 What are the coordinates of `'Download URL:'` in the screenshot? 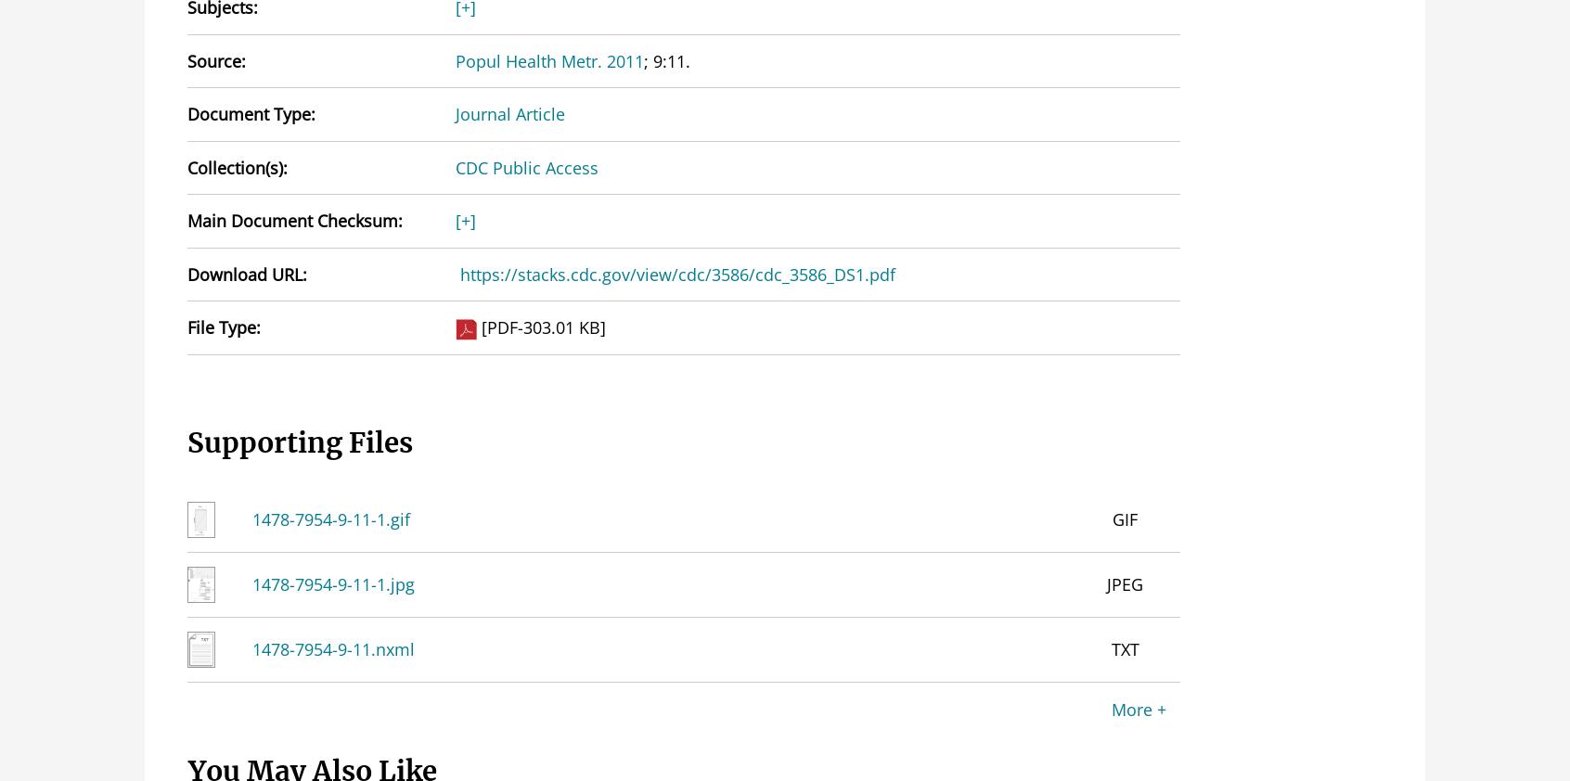 It's located at (187, 274).